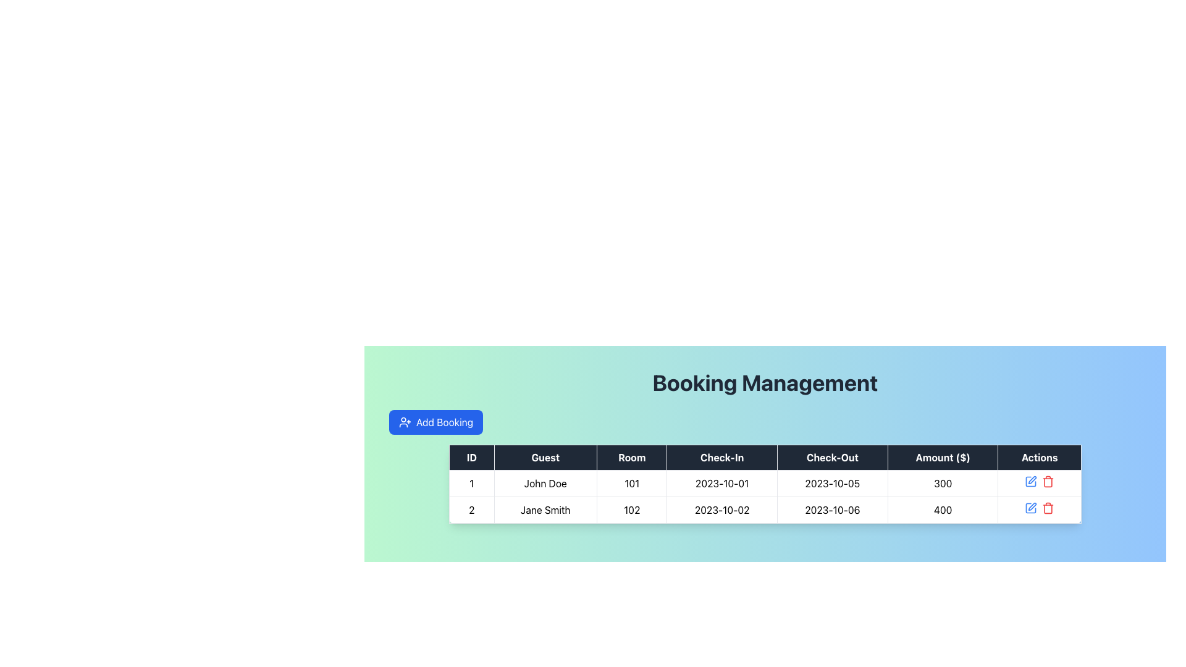  Describe the element at coordinates (471, 457) in the screenshot. I see `the 'ID' text label in the first cell of the table header, which is displayed in bold white font on a dark background` at that location.